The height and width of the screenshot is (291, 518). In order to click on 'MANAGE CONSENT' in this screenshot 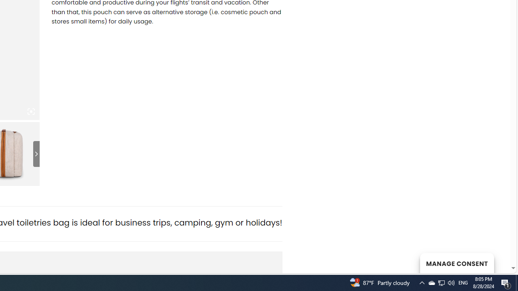, I will do `click(456, 263)`.